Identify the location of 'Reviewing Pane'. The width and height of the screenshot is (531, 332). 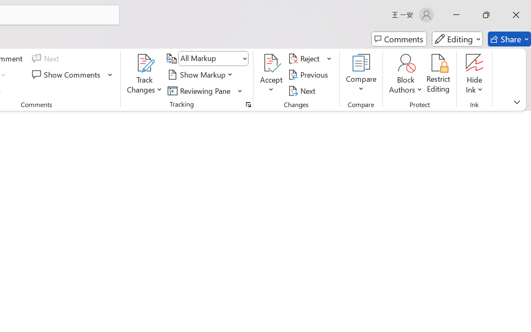
(200, 90).